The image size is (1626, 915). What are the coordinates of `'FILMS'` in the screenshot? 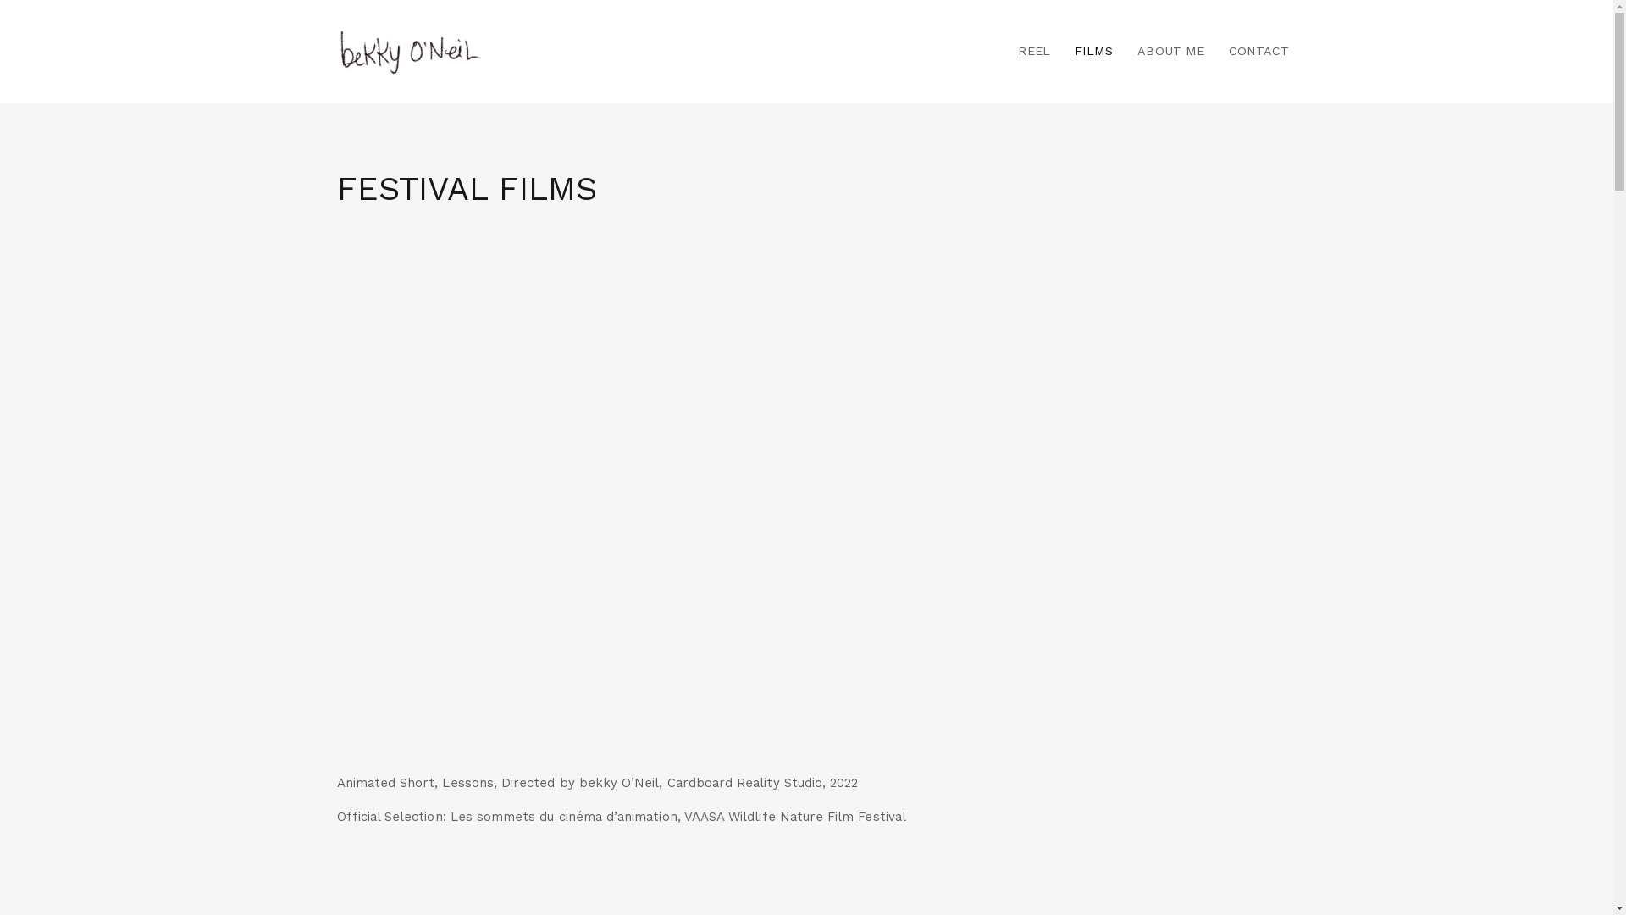 It's located at (1093, 51).